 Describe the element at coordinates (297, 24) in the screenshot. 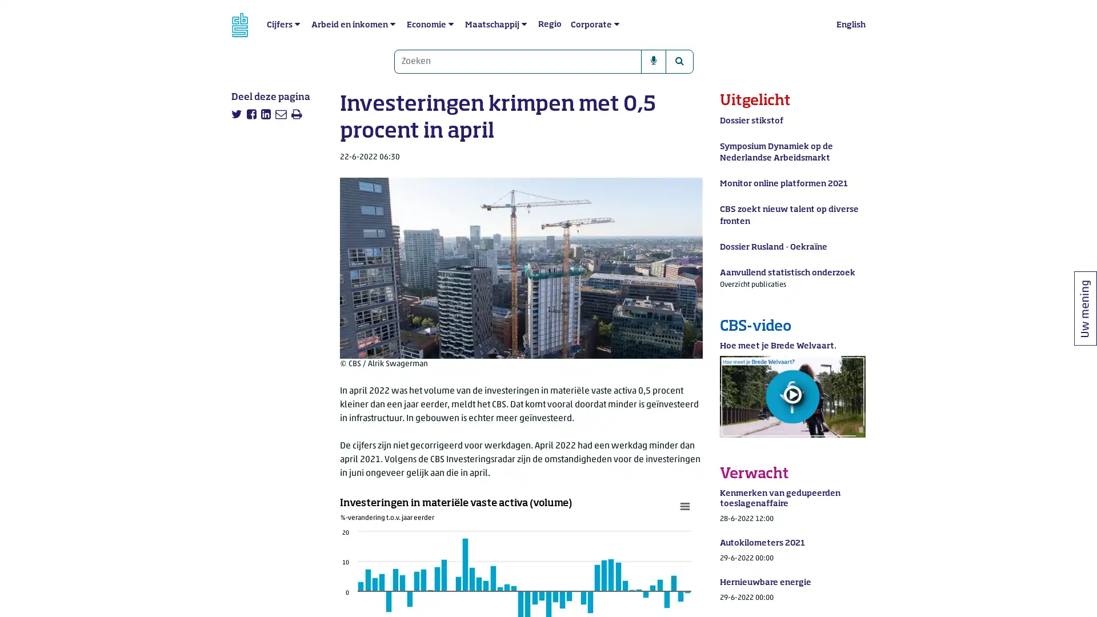

I see `submenu Cijfers` at that location.